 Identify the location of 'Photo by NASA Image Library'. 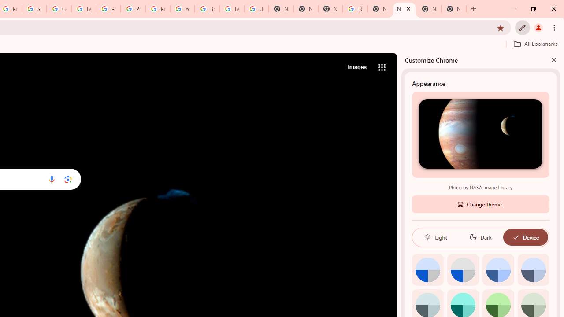
(480, 133).